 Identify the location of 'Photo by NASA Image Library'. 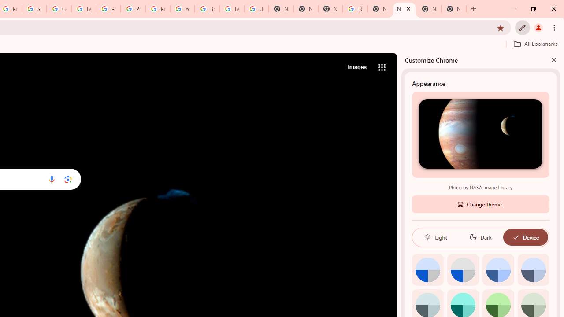
(480, 133).